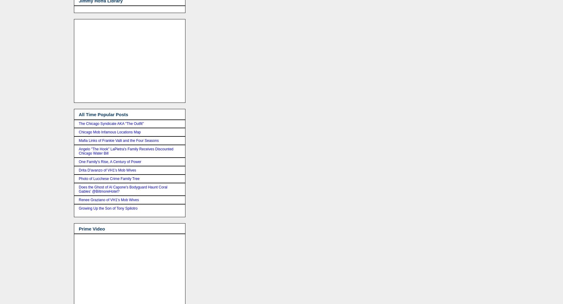 The image size is (563, 304). What do you see at coordinates (118, 140) in the screenshot?
I see `'Mafia Links of Frankie Valli and the Four Seasons'` at bounding box center [118, 140].